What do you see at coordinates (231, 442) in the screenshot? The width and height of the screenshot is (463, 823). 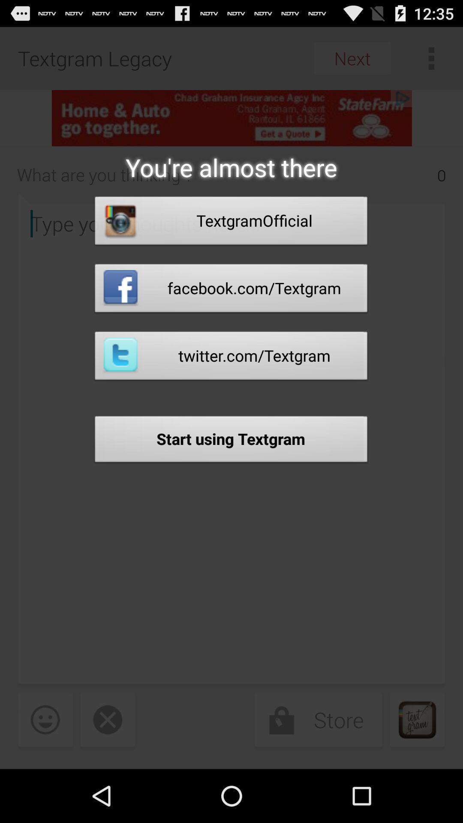 I see `the start using textgram item` at bounding box center [231, 442].